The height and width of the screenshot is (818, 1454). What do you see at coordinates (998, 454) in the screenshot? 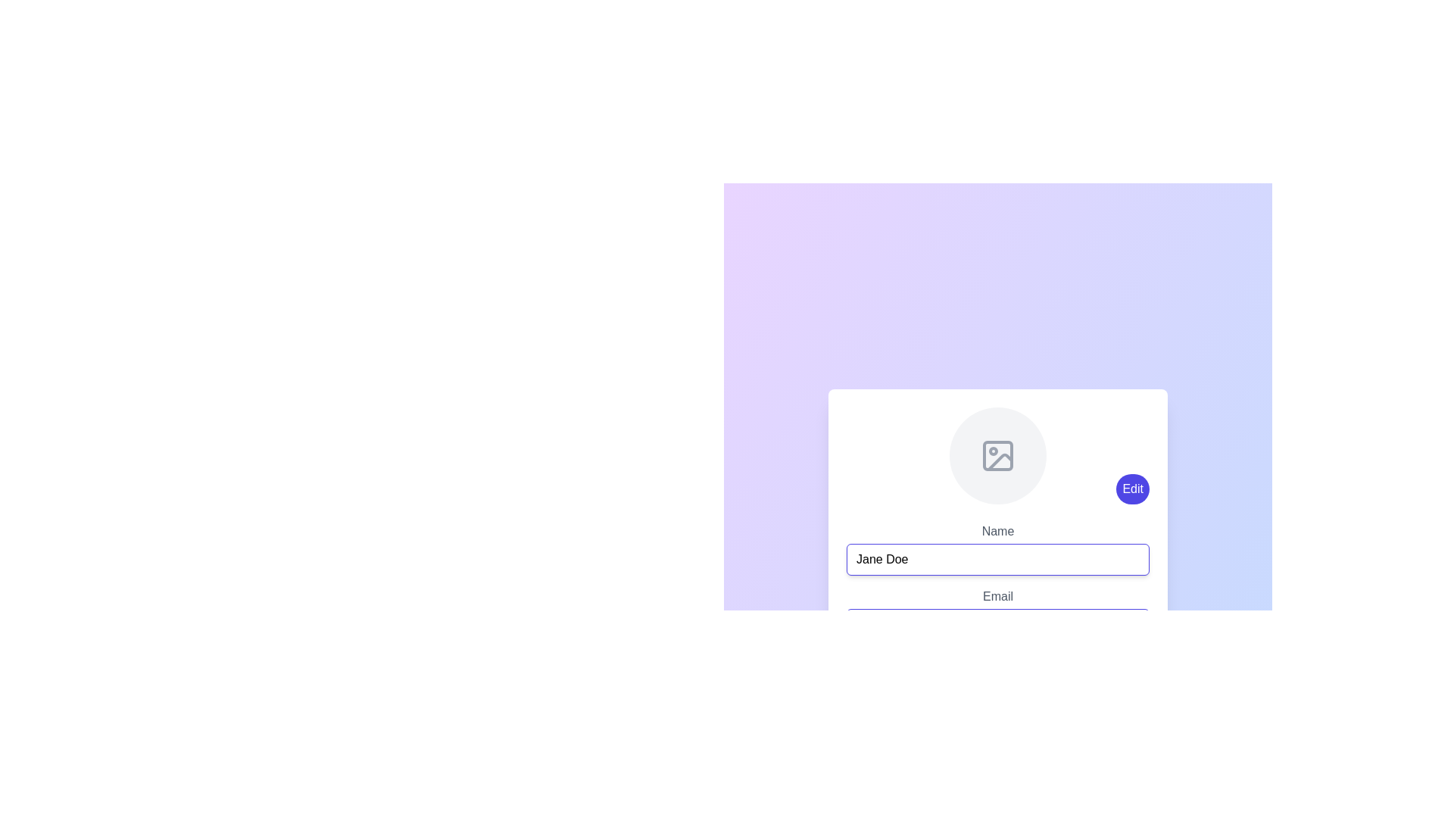
I see `the profile picture upload area and 'Edit' button located at the top of the user profile editing card` at bounding box center [998, 454].